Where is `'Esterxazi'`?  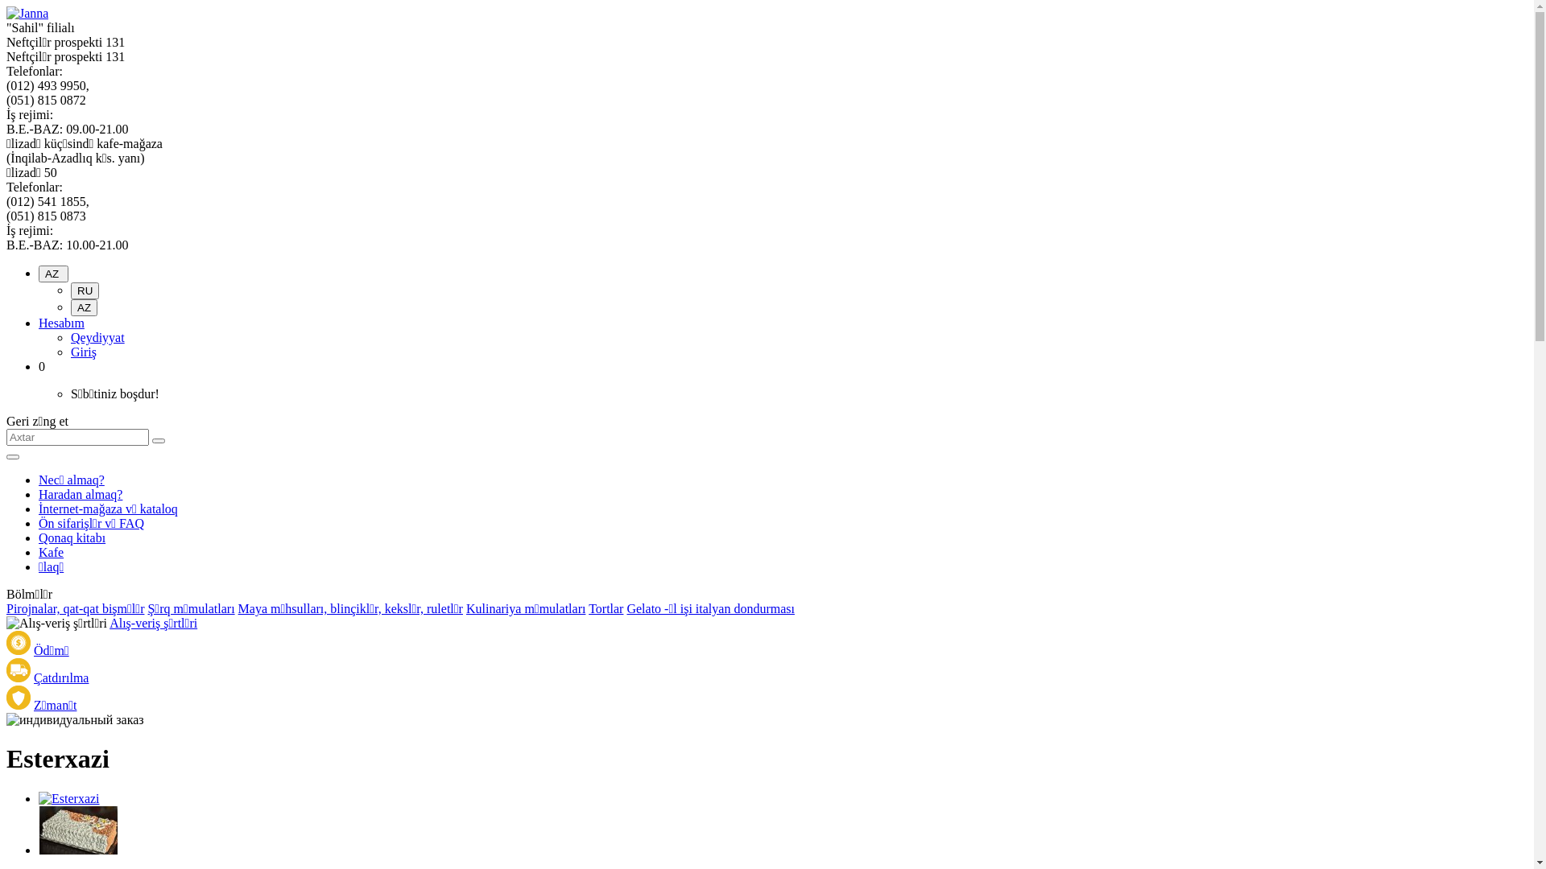
'Esterxazi' is located at coordinates (77, 830).